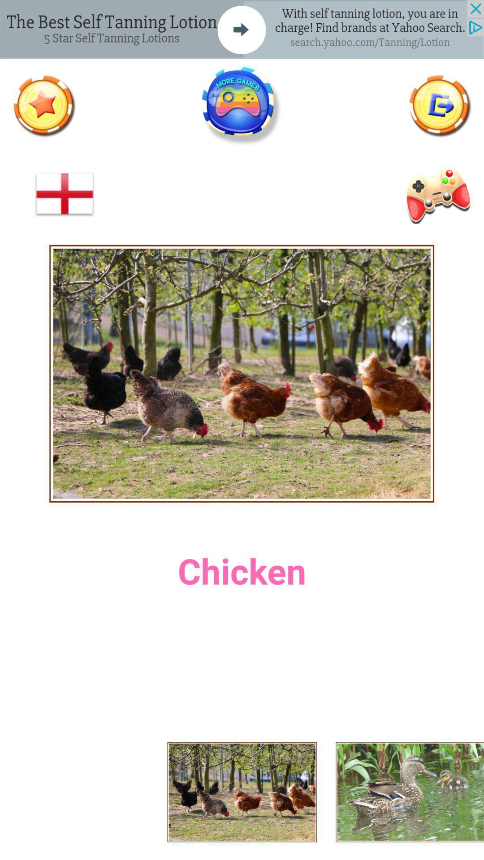 The width and height of the screenshot is (484, 860). I want to click on the add icon, so click(64, 193).